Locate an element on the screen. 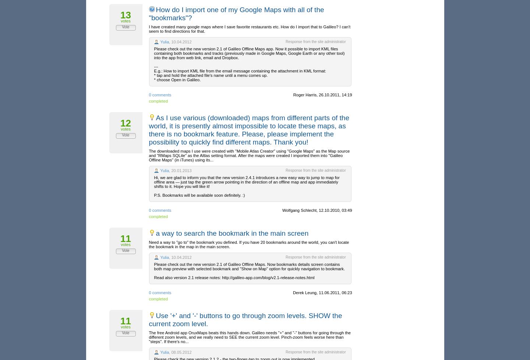  'Derek Leung, 11.06.2011, 06:23' is located at coordinates (322, 292).